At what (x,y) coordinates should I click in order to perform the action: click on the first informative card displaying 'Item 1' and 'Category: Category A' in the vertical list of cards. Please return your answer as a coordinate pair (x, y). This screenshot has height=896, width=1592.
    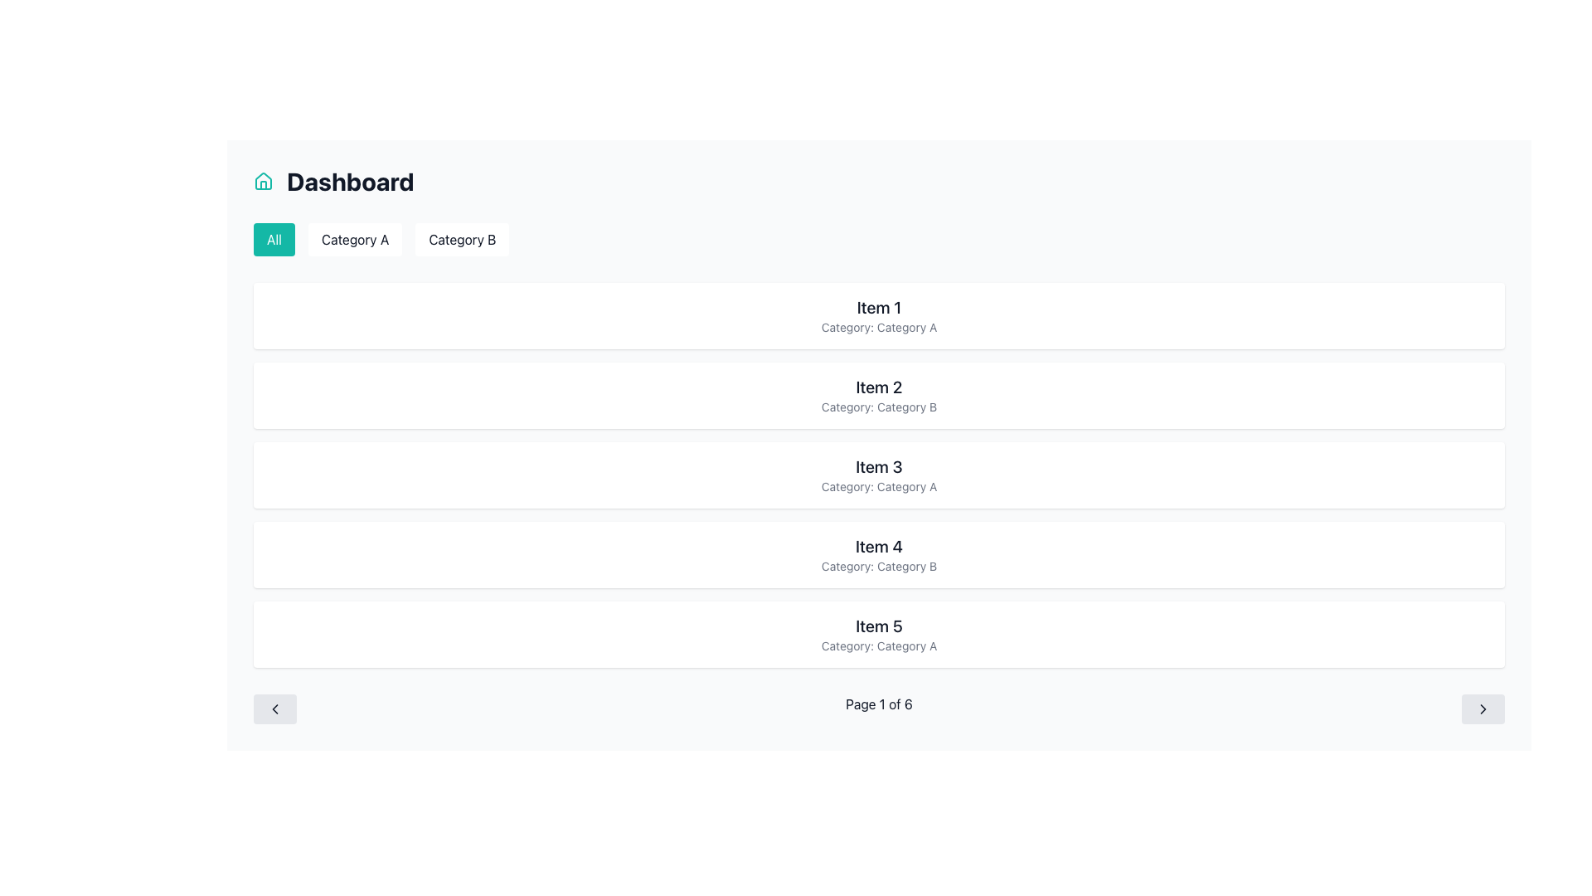
    Looking at the image, I should click on (878, 316).